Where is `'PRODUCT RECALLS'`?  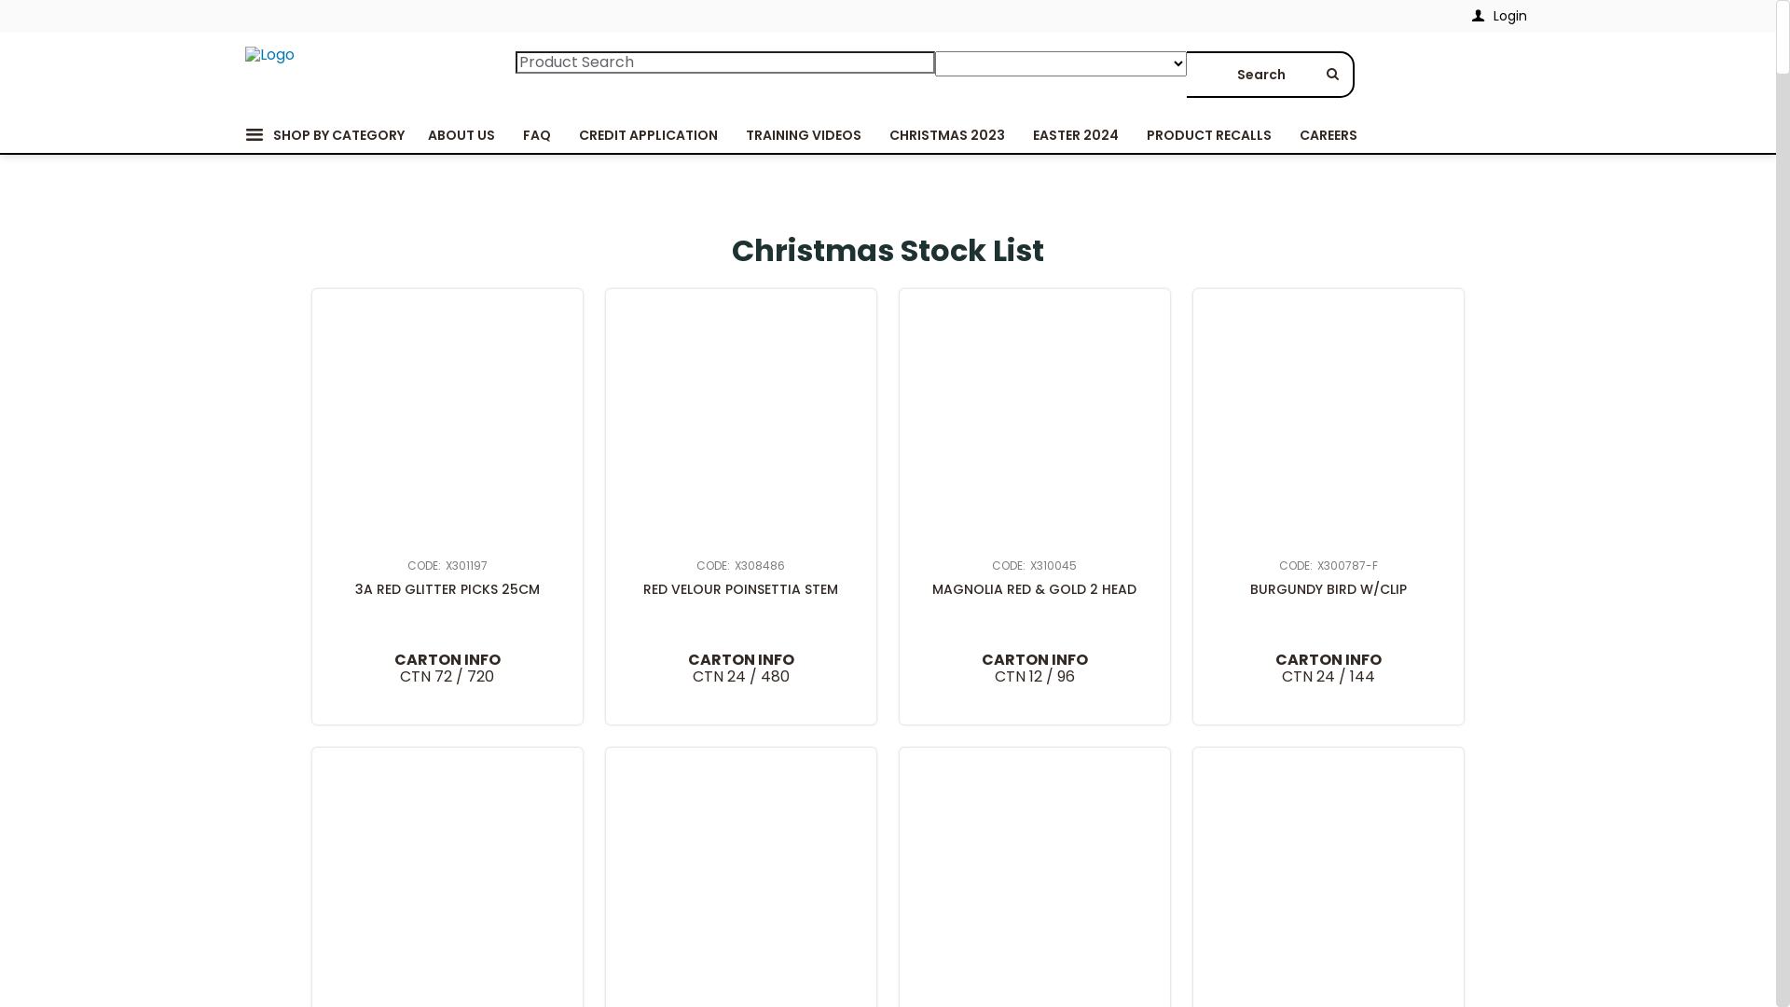
'PRODUCT RECALLS' is located at coordinates (1208, 134).